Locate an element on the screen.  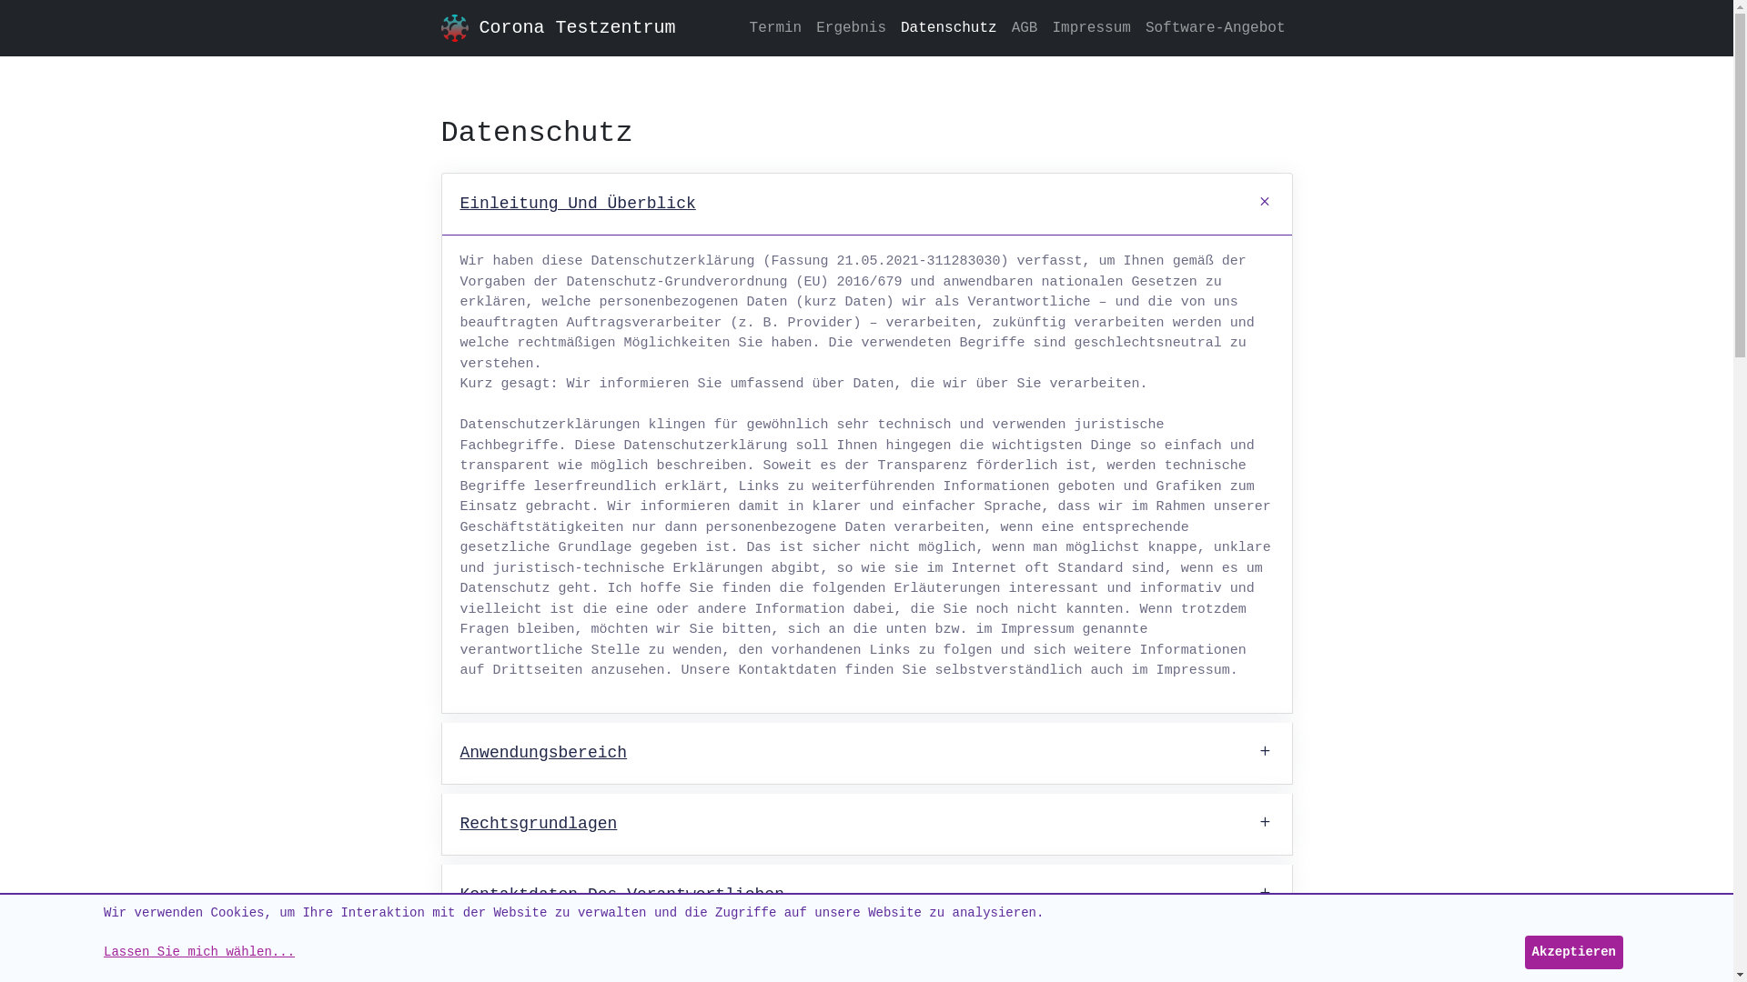
'Kontaktdaten Des Verantwortlichen' is located at coordinates (866, 894).